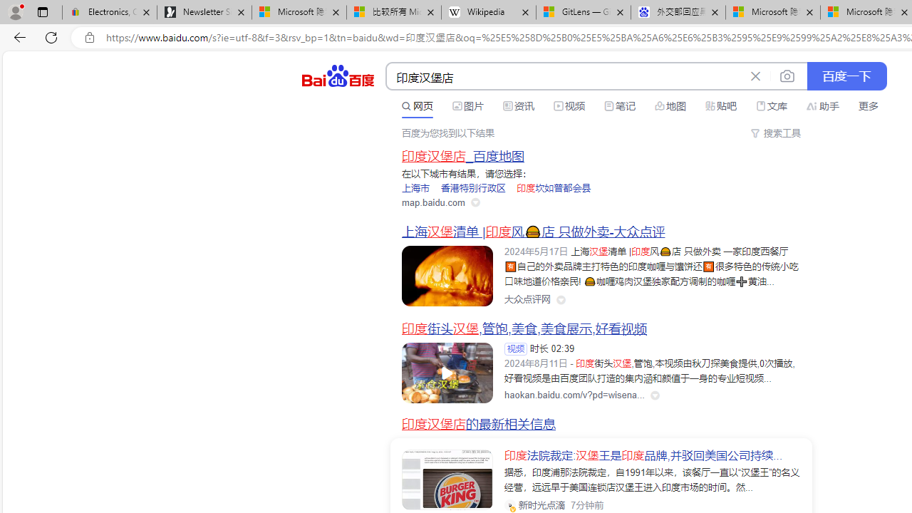 The height and width of the screenshot is (513, 912). Describe the element at coordinates (109, 12) in the screenshot. I see `'Electronics, Cars, Fashion, Collectibles & More | eBay'` at that location.